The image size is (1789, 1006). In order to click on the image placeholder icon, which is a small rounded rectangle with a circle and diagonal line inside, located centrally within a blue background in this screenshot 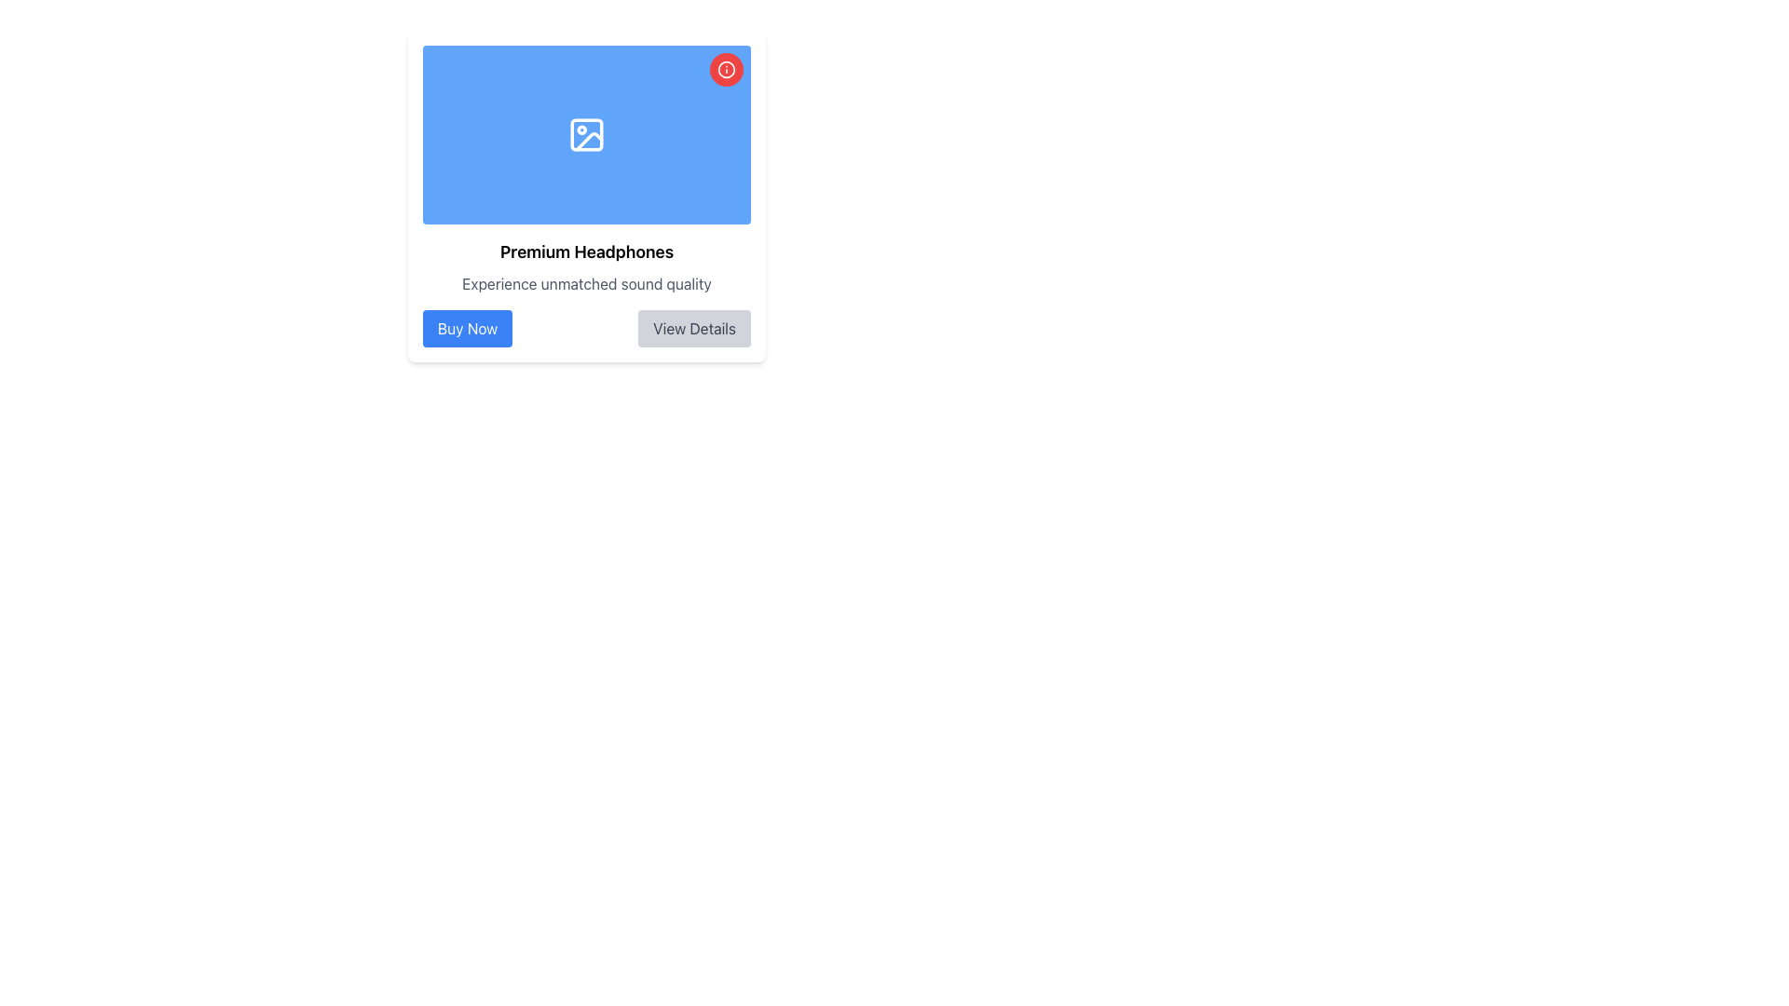, I will do `click(585, 134)`.